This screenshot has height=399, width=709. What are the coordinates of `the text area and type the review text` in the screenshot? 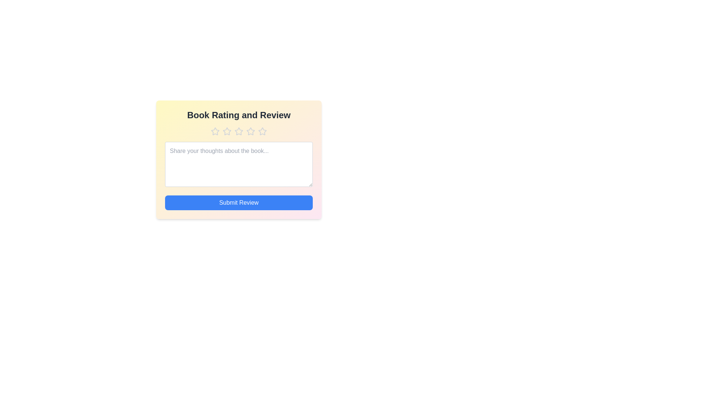 It's located at (239, 164).